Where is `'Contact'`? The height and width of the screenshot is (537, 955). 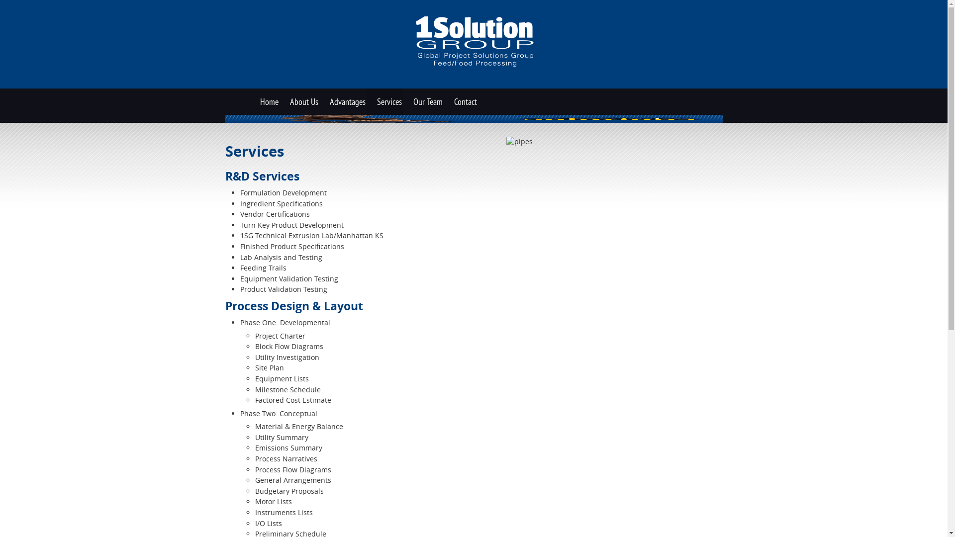 'Contact' is located at coordinates (460, 101).